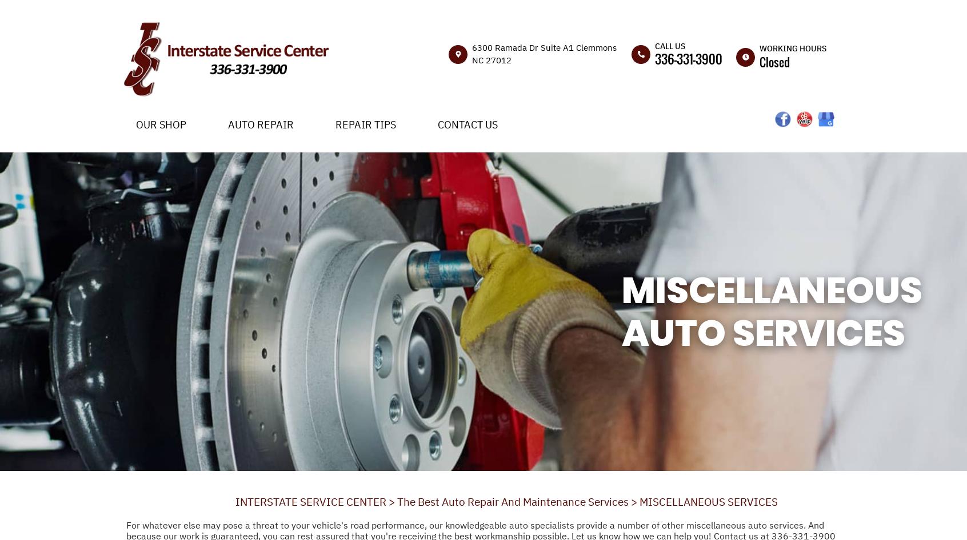 This screenshot has height=540, width=967. What do you see at coordinates (742, 182) in the screenshot?
I see `'Thu'` at bounding box center [742, 182].